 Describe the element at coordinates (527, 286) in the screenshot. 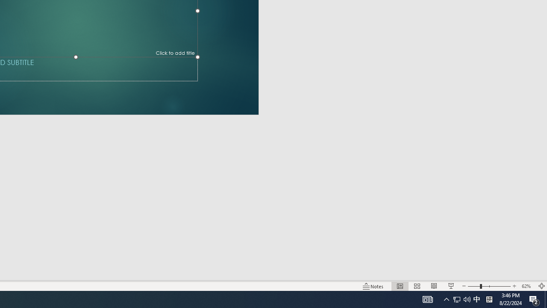

I see `'Zoom 62%'` at that location.